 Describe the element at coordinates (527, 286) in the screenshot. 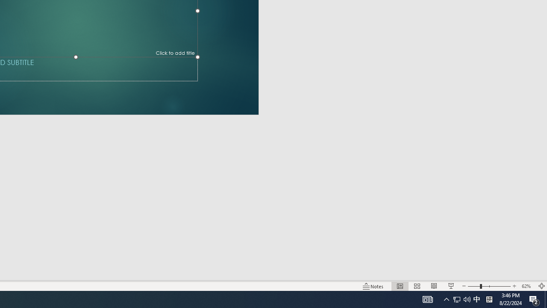

I see `'Zoom 62%'` at that location.